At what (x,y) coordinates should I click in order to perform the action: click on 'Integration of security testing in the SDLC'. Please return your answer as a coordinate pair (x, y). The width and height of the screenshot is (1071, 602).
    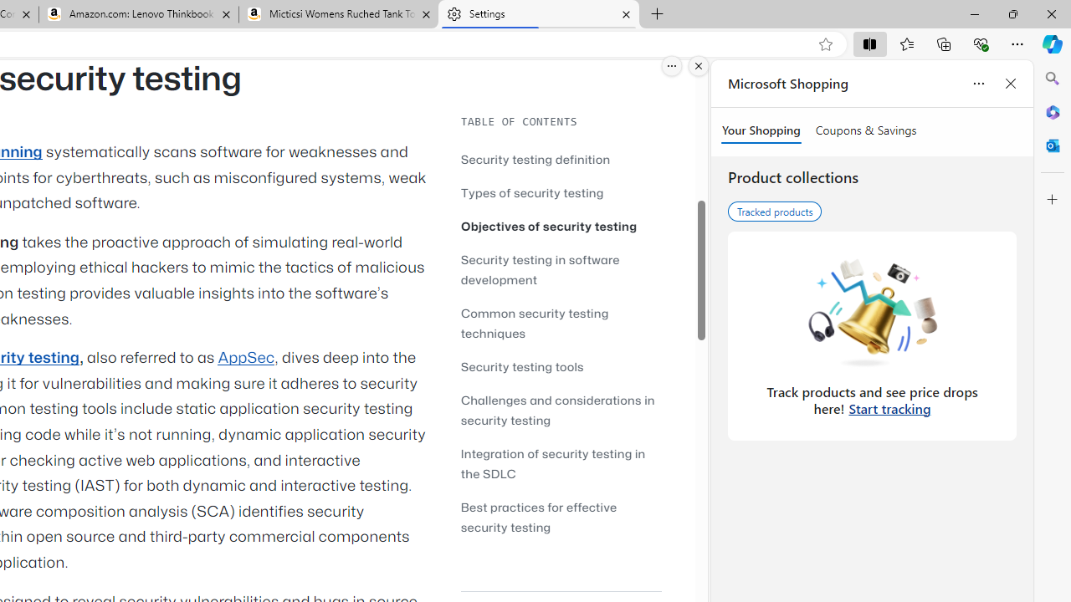
    Looking at the image, I should click on (561, 463).